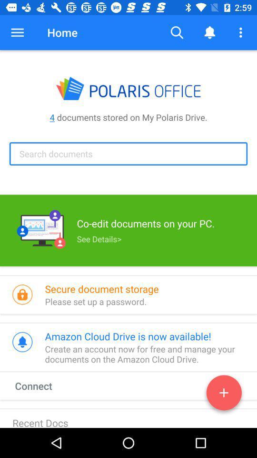 The height and width of the screenshot is (458, 257). What do you see at coordinates (242, 32) in the screenshot?
I see `icon above the 4 documents stored item` at bounding box center [242, 32].